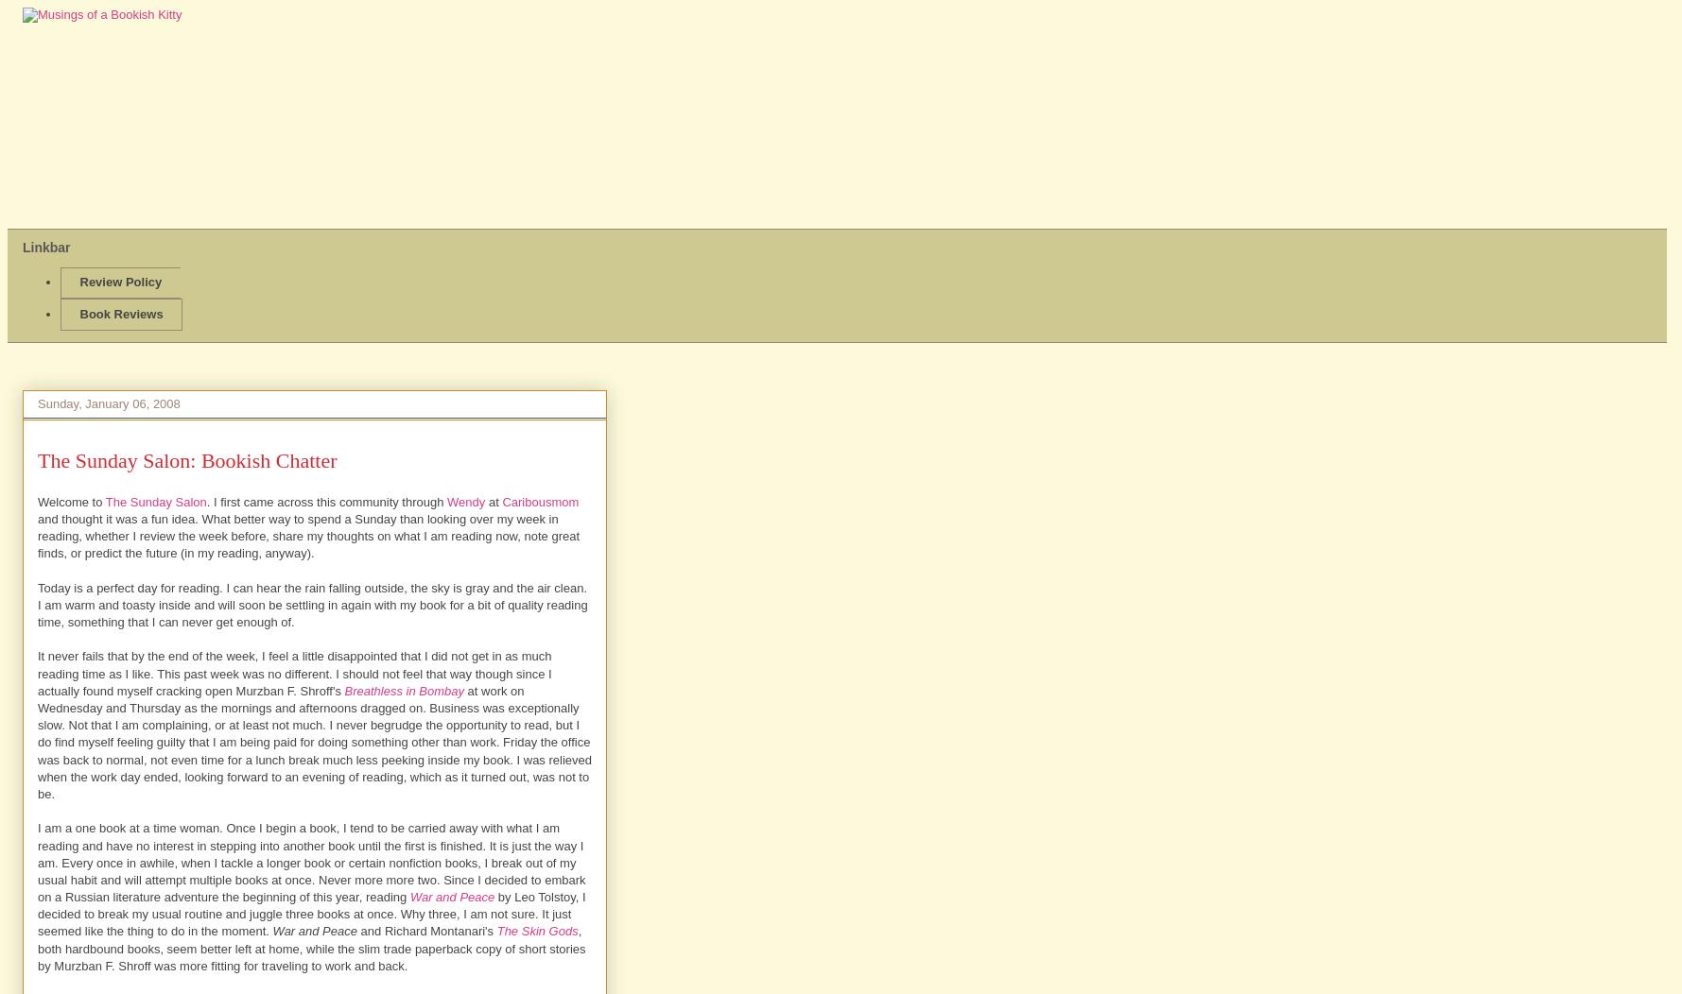 This screenshot has height=994, width=1682. What do you see at coordinates (312, 605) in the screenshot?
I see `'Today is a perfect day for reading.  I can hear the rain falling outside, the sky is gray and the air clean.  I am warm and toasty inside and will soon be settling in again with my book for a bit of quality reading time, something that I can never get enough of.'` at bounding box center [312, 605].